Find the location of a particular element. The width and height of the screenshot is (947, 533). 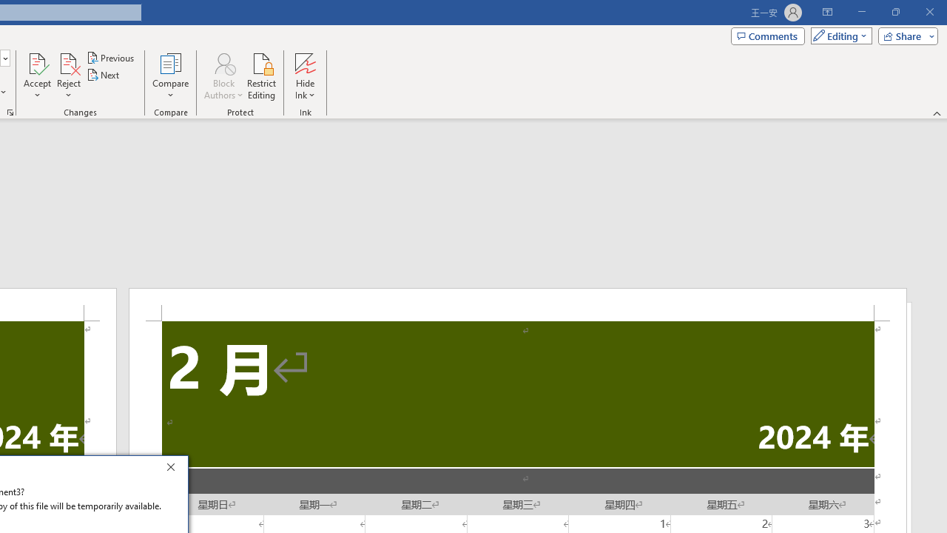

'Reject and Move to Next' is located at coordinates (67, 62).